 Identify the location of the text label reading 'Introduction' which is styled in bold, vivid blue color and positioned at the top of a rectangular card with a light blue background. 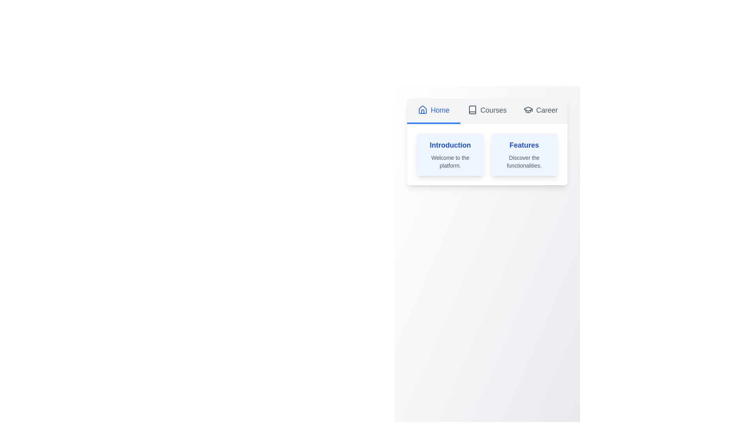
(450, 145).